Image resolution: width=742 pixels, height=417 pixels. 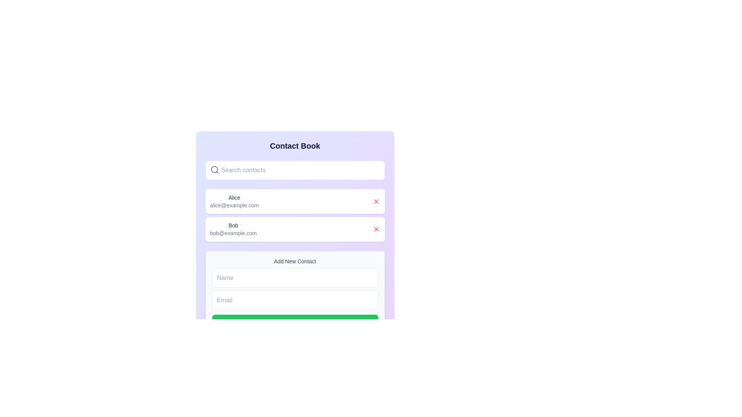 I want to click on text in the text display area that shows the name and email address of the contact in the second contact card from the top in the contact list section, so click(x=233, y=229).